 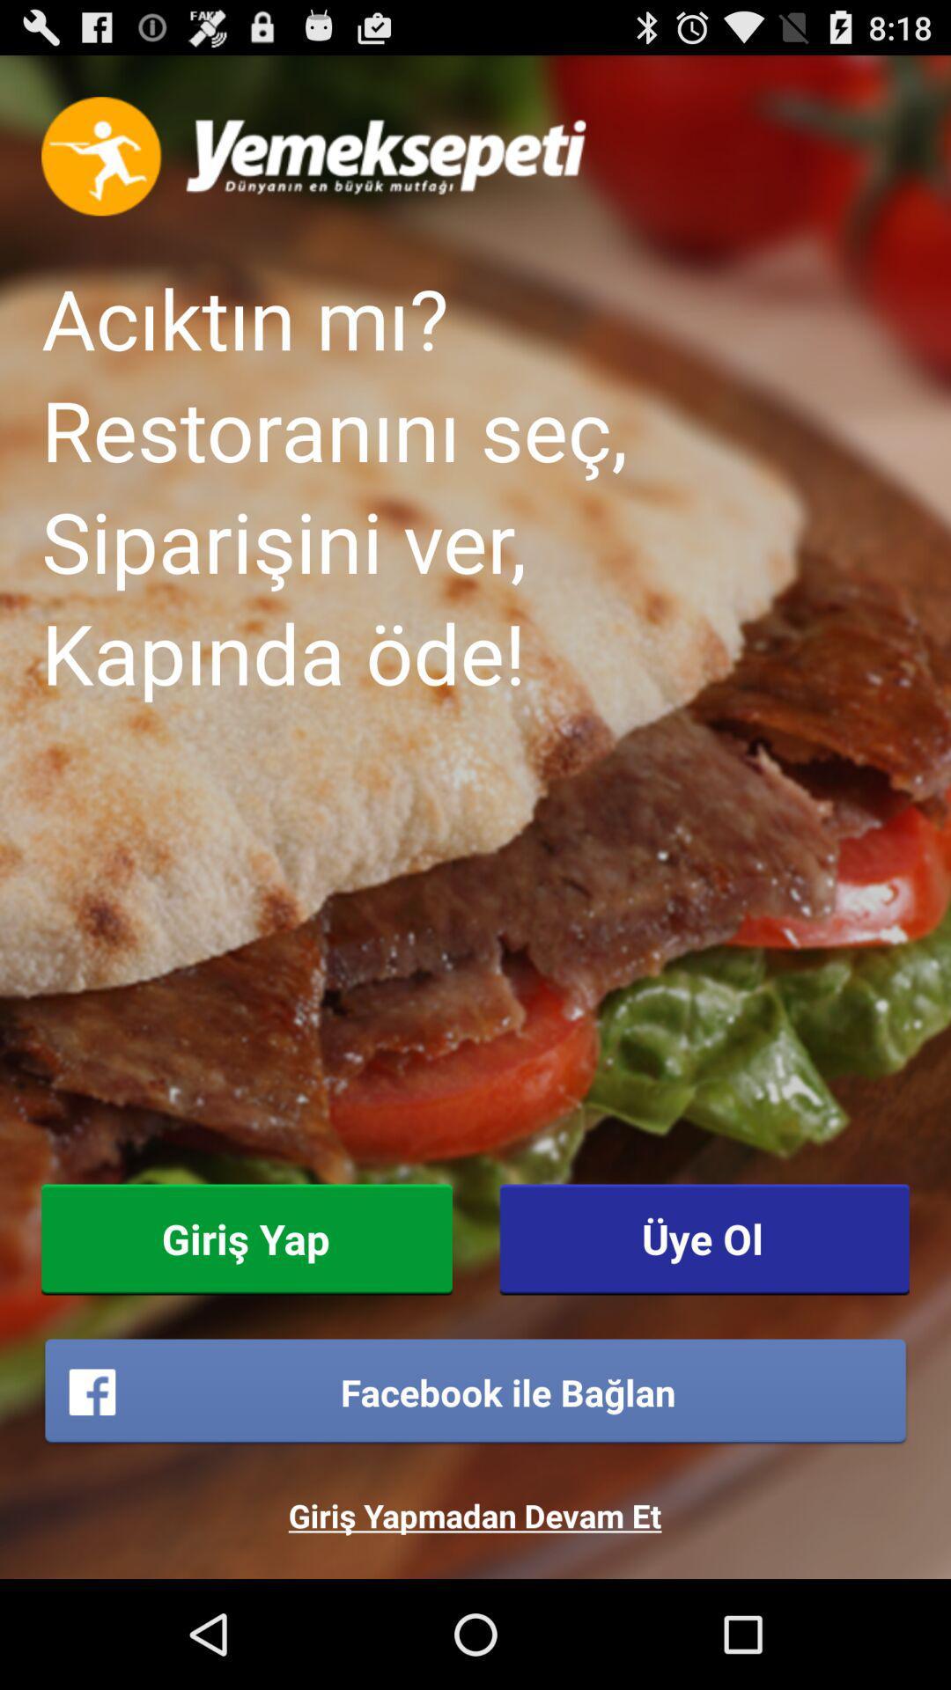 What do you see at coordinates (247, 1238) in the screenshot?
I see `the icon at the bottom left corner` at bounding box center [247, 1238].